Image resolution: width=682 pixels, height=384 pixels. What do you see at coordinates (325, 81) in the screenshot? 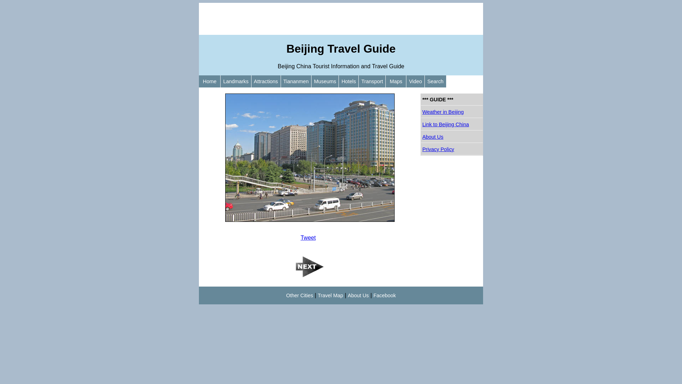
I see `'Museums'` at bounding box center [325, 81].